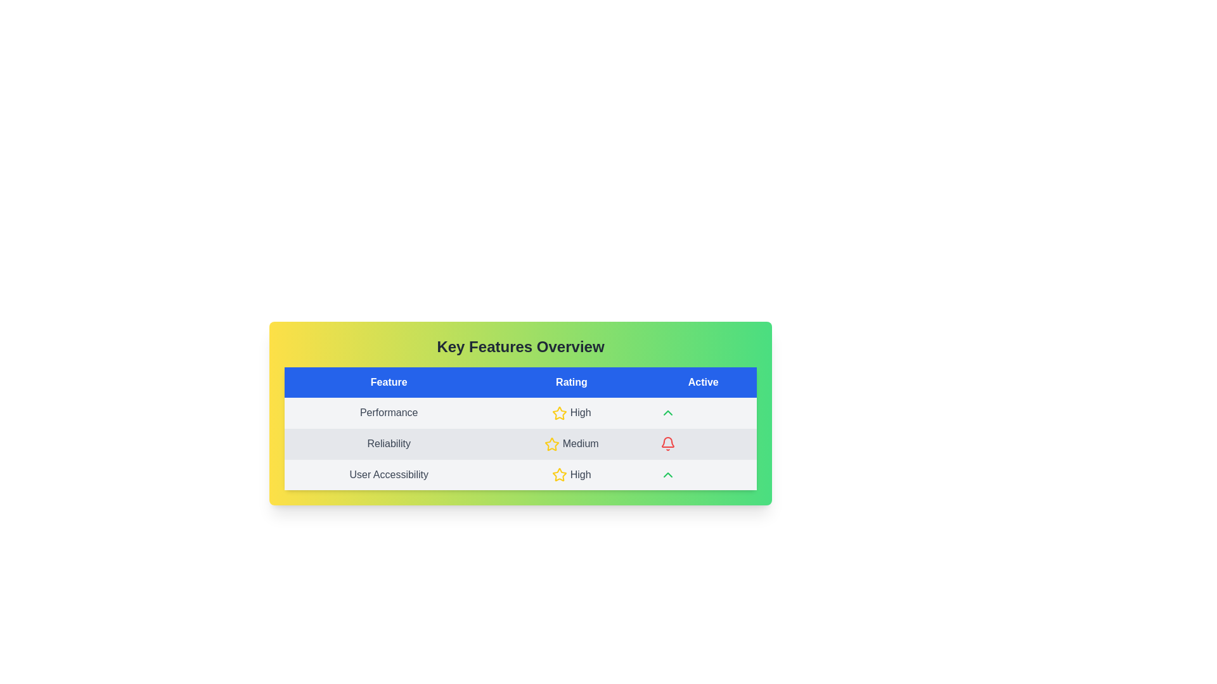  What do you see at coordinates (388, 474) in the screenshot?
I see `the label containing the text 'User Accessibility' in the third row of the table under the 'Feature' column` at bounding box center [388, 474].